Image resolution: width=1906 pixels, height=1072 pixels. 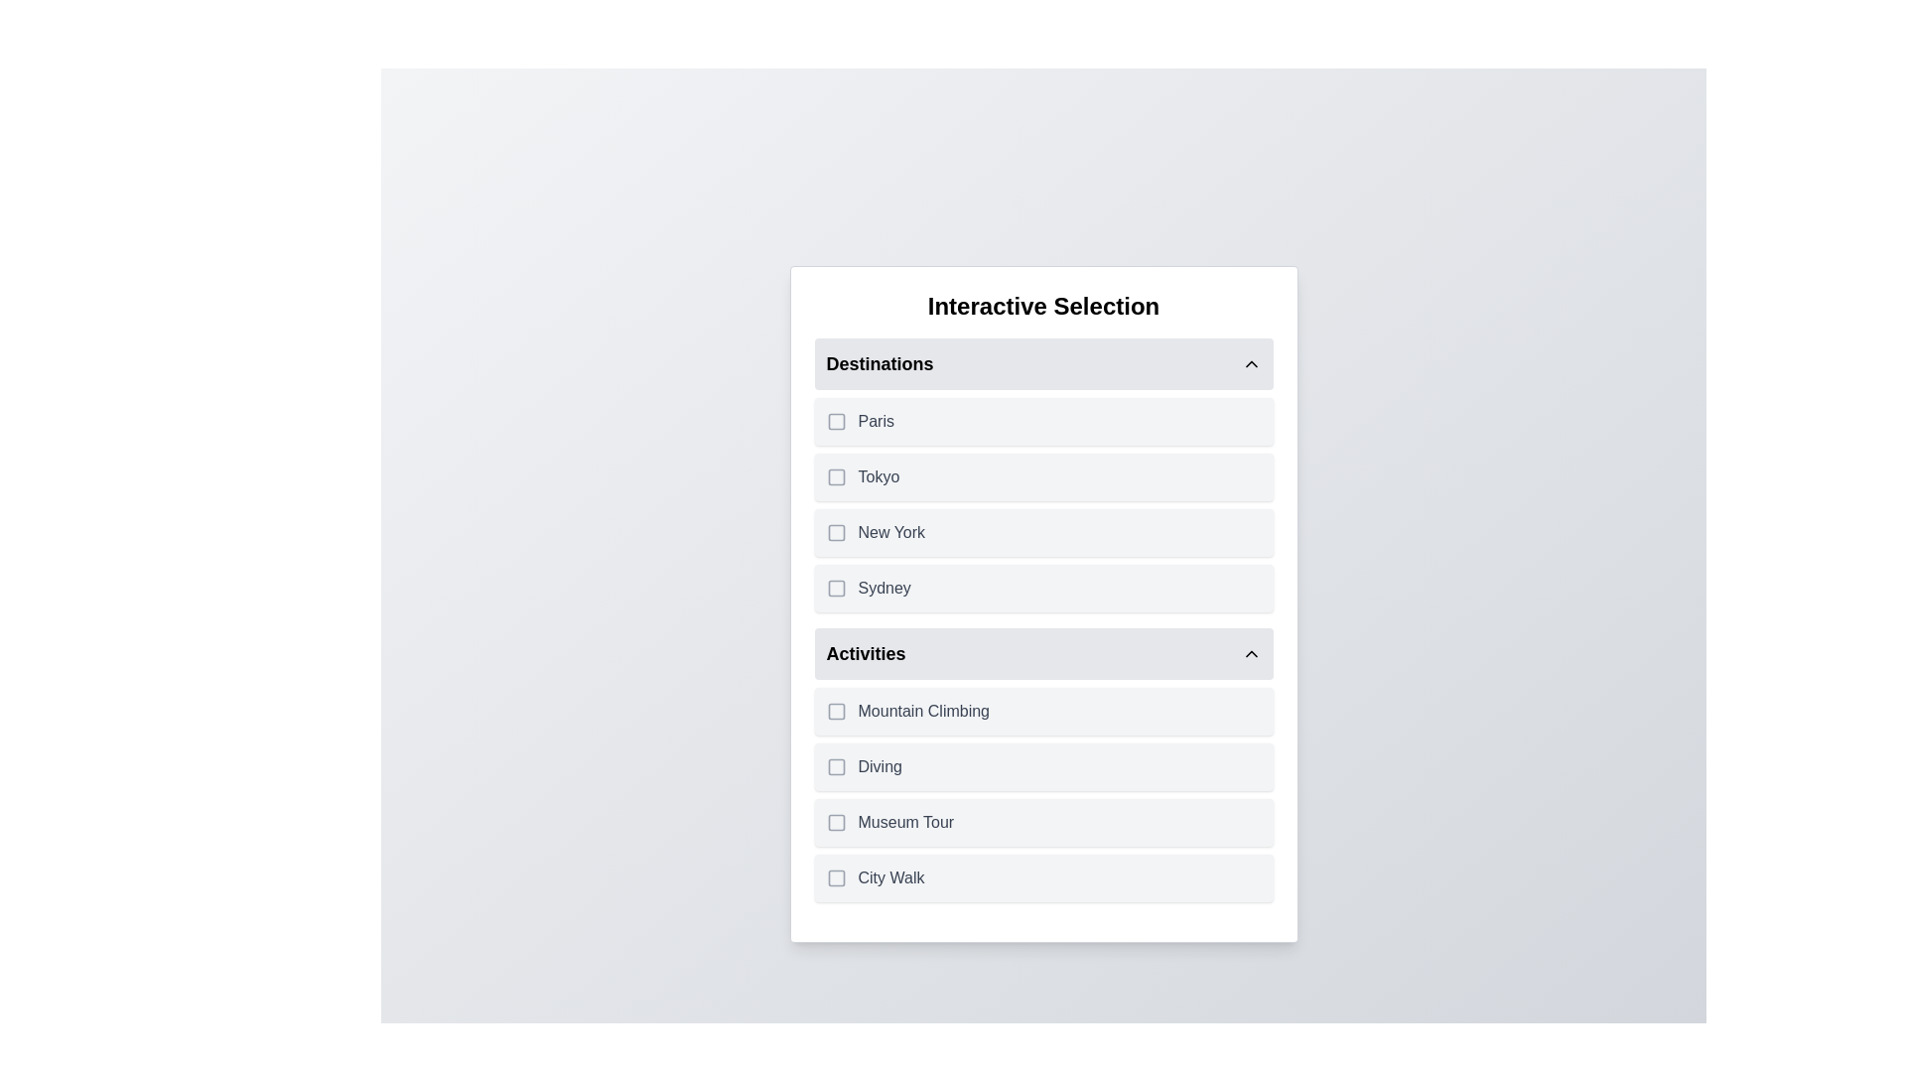 What do you see at coordinates (1042, 588) in the screenshot?
I see `the item Sydney to trigger its hover effect` at bounding box center [1042, 588].